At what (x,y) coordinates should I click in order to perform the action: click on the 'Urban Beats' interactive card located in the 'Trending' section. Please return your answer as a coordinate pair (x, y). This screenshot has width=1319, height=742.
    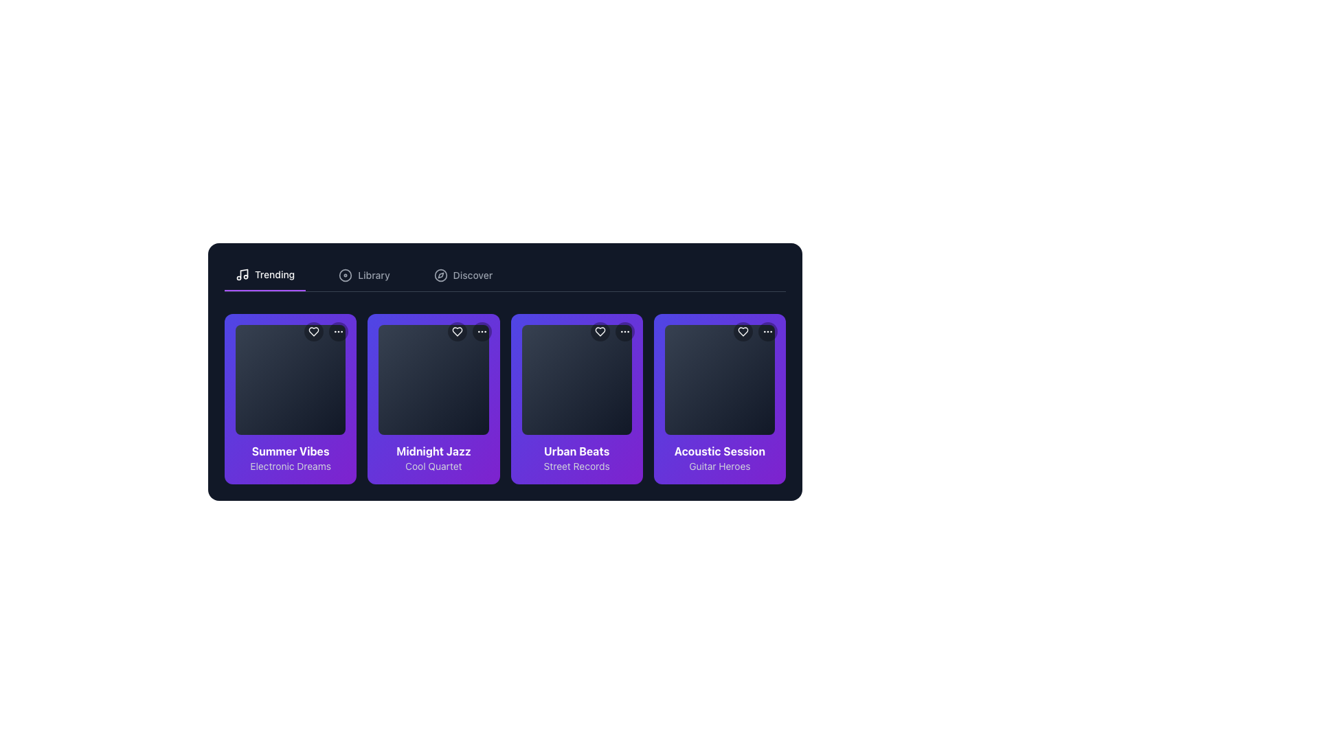
    Looking at the image, I should click on (576, 399).